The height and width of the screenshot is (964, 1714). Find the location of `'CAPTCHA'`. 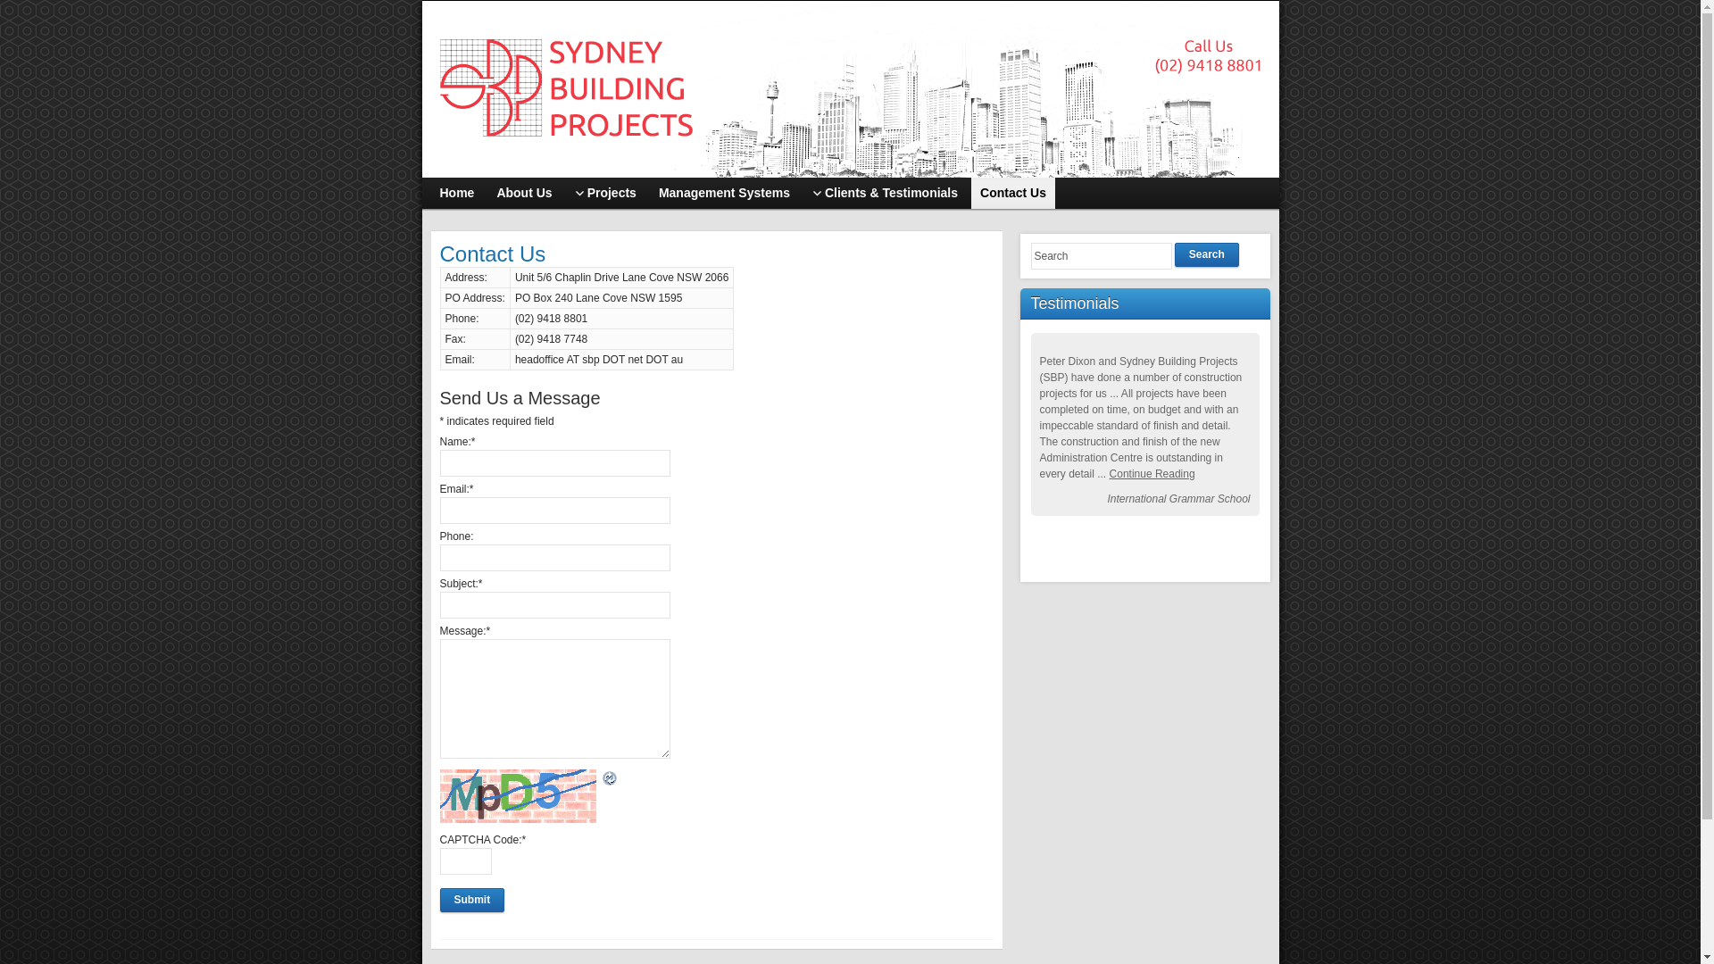

'CAPTCHA' is located at coordinates (518, 794).